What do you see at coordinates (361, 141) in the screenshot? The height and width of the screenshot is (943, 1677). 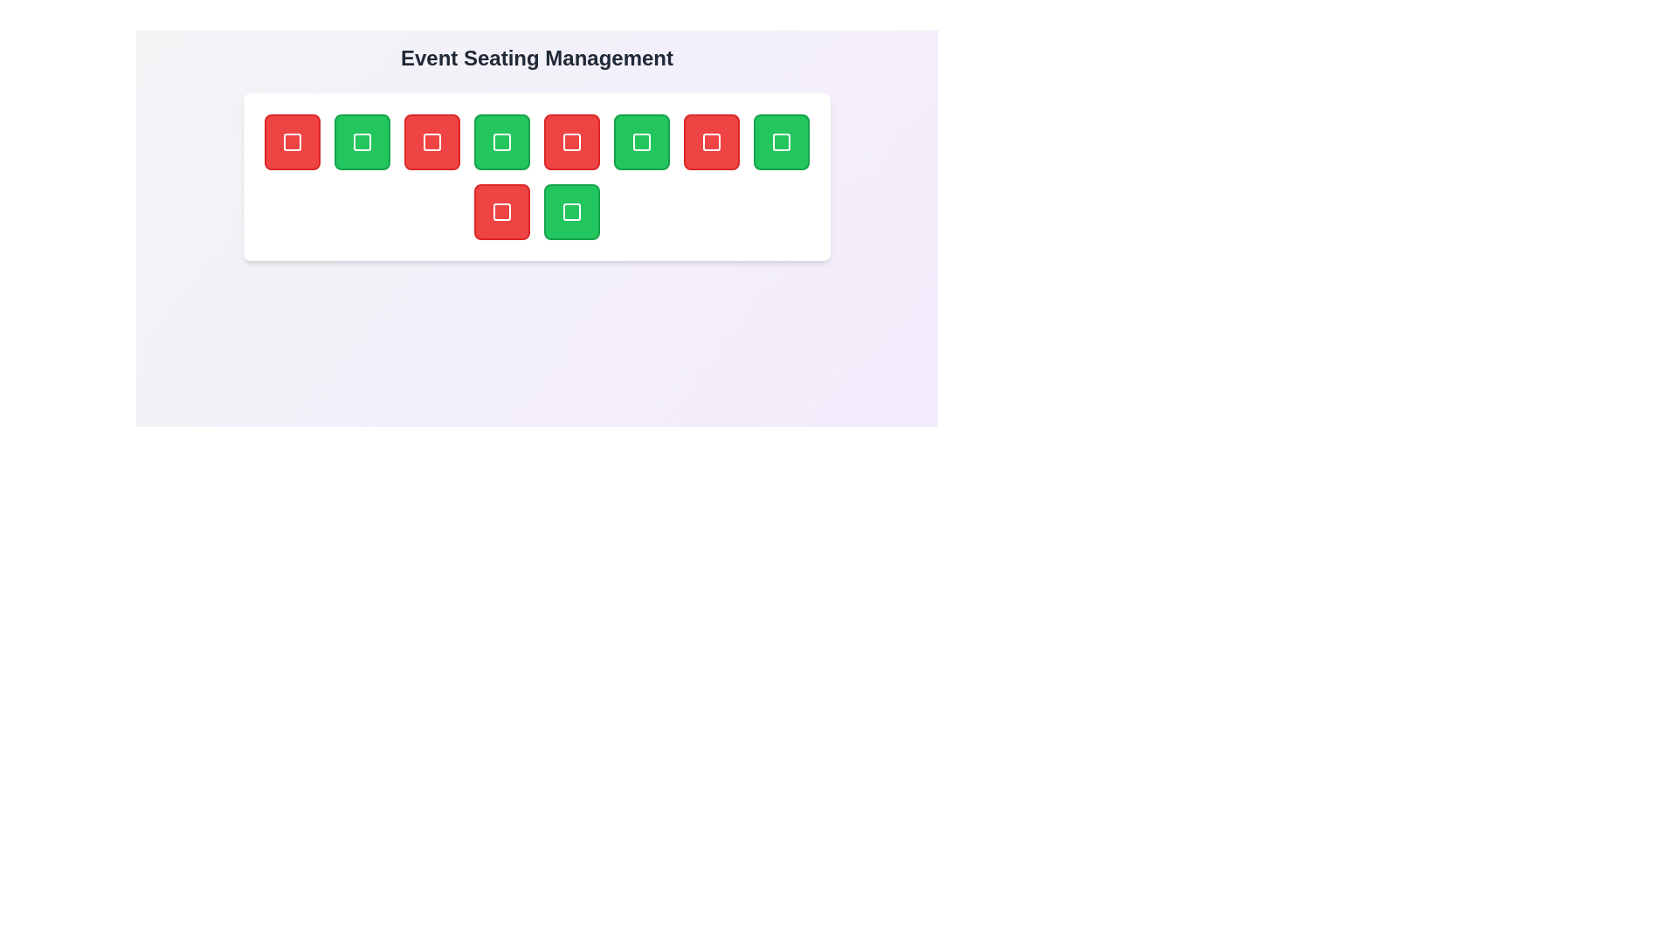 I see `Seat 2 in the seating layout` at bounding box center [361, 141].